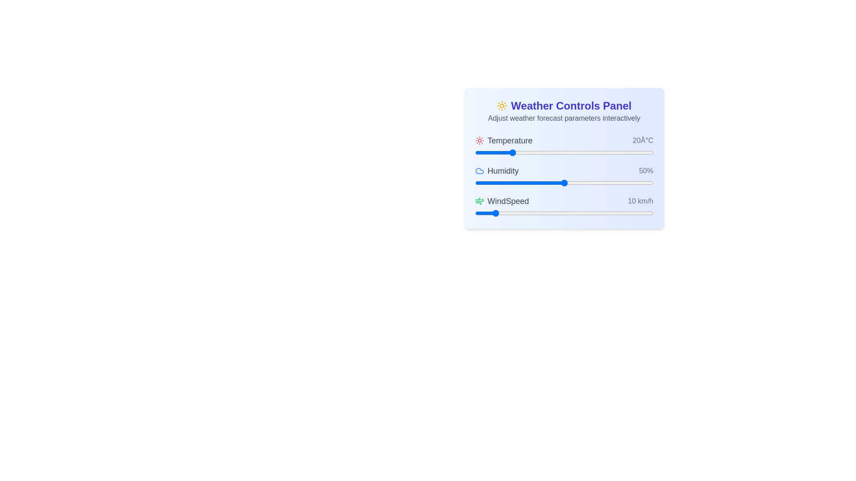 The height and width of the screenshot is (481, 856). What do you see at coordinates (498, 152) in the screenshot?
I see `the temperature slider to set the temperature to -12°C` at bounding box center [498, 152].